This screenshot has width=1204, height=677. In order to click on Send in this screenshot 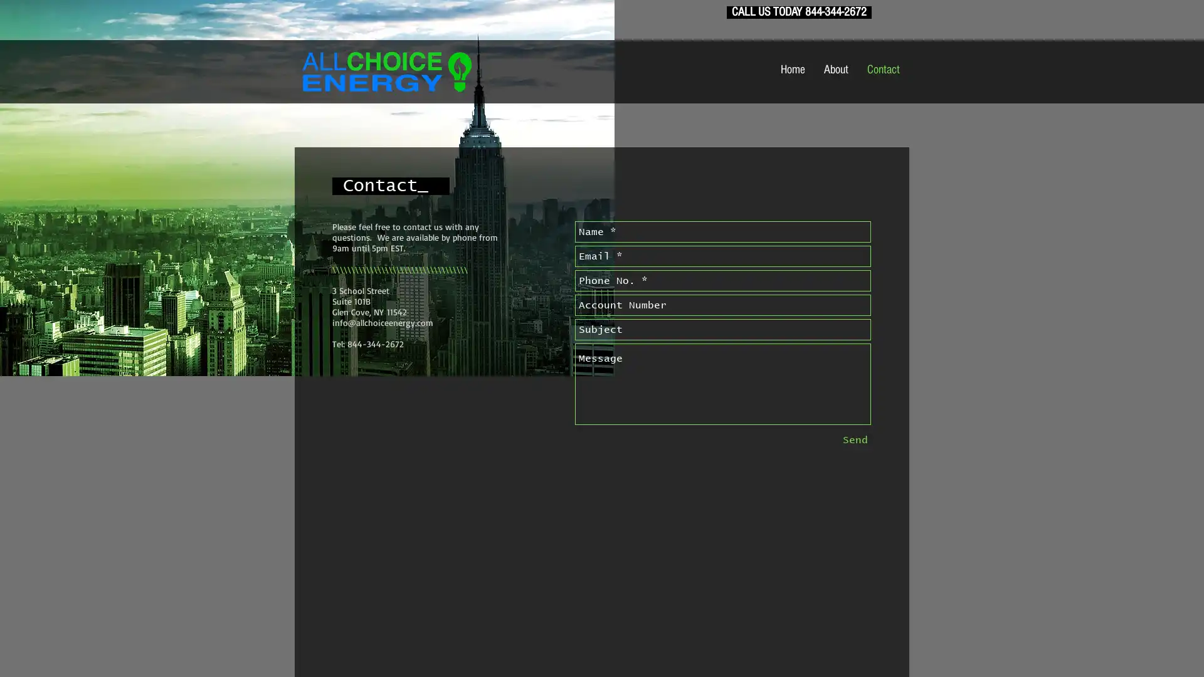, I will do `click(854, 439)`.